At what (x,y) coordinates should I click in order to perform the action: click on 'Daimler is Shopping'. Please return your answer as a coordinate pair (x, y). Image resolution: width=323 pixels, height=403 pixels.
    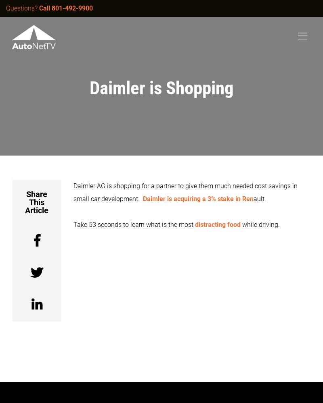
    Looking at the image, I should click on (161, 87).